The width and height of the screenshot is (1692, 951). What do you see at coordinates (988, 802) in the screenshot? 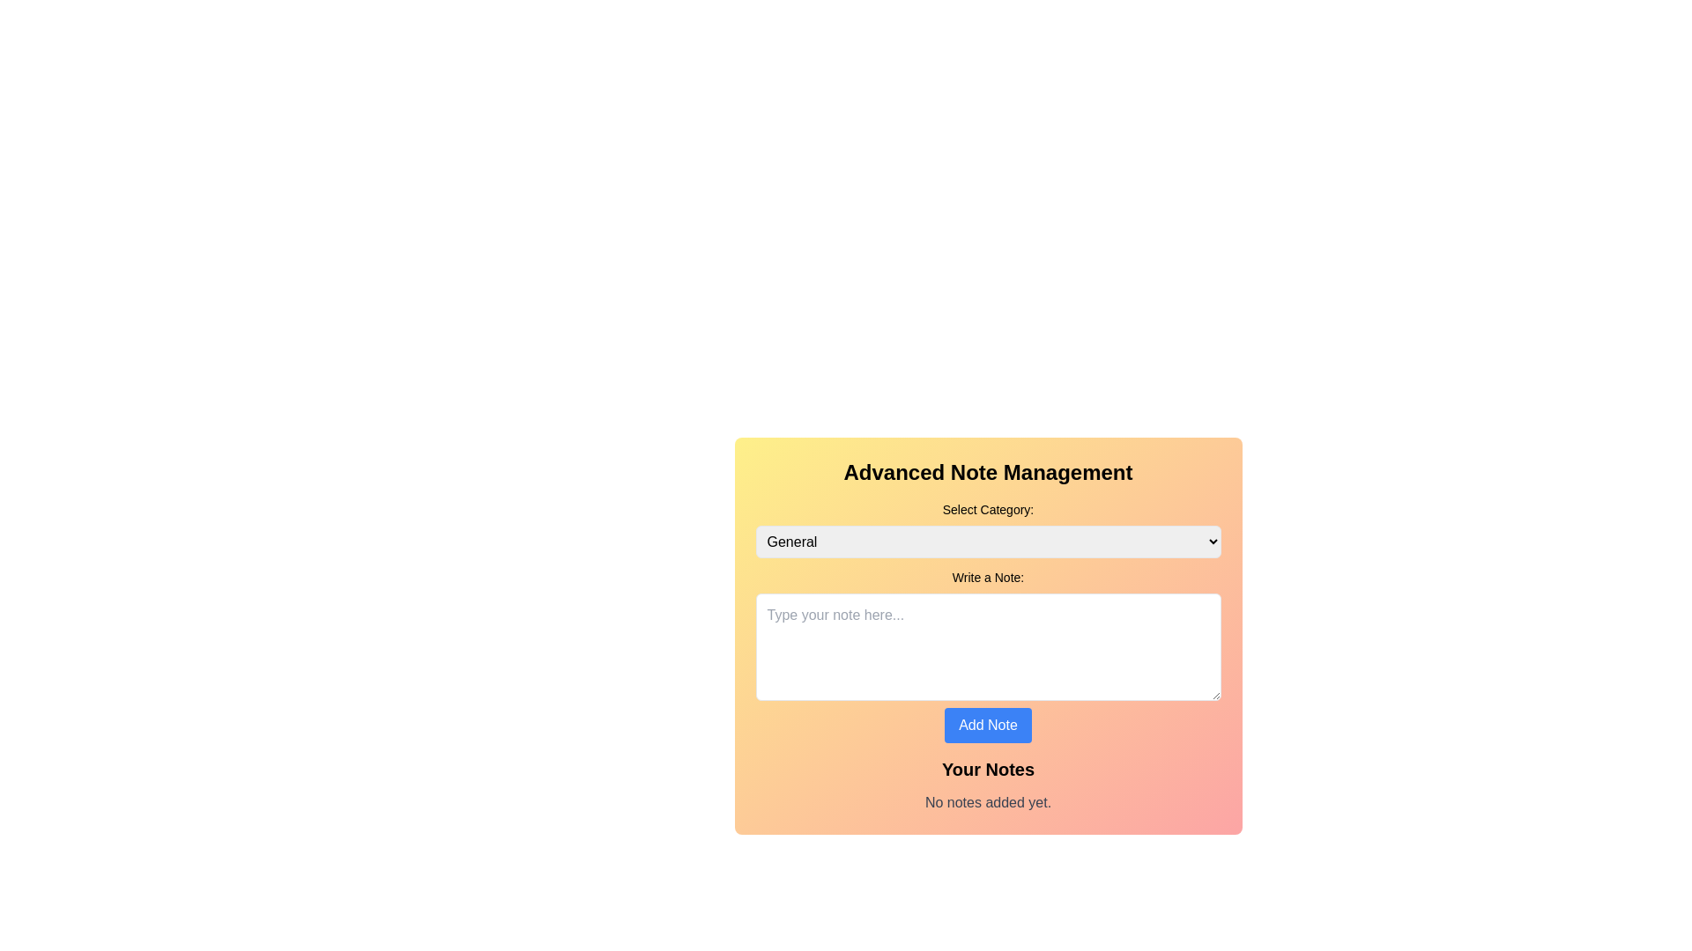
I see `the informational static text indicating that no notes have been added yet, located below the heading 'Your Notes.'` at bounding box center [988, 802].